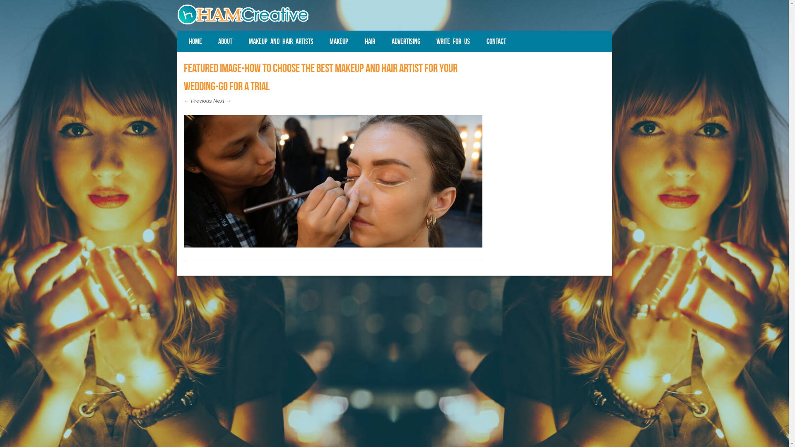 This screenshot has height=447, width=795. What do you see at coordinates (369, 41) in the screenshot?
I see `'HAIR'` at bounding box center [369, 41].